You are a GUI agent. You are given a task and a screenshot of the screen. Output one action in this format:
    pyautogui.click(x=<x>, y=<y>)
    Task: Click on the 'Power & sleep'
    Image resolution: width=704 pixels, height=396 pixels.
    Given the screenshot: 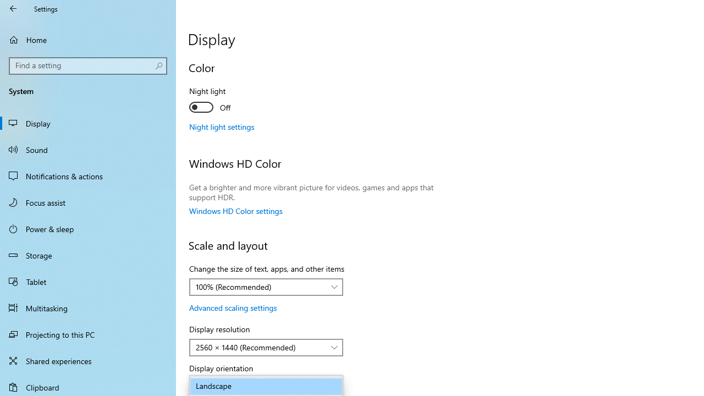 What is the action you would take?
    pyautogui.click(x=88, y=228)
    